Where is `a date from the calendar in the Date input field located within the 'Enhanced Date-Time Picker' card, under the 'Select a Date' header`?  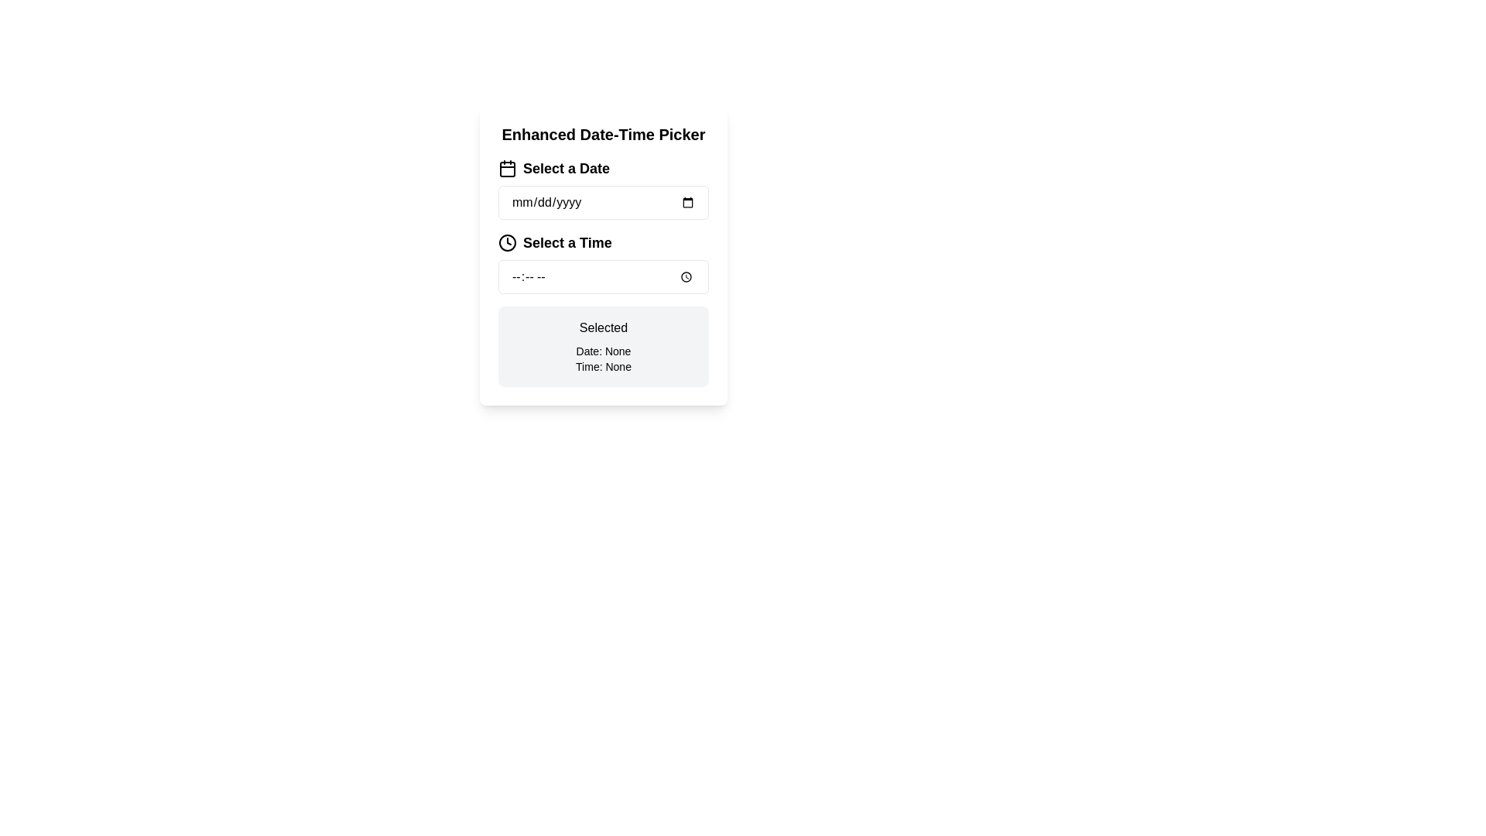
a date from the calendar in the Date input field located within the 'Enhanced Date-Time Picker' card, under the 'Select a Date' header is located at coordinates (602, 187).